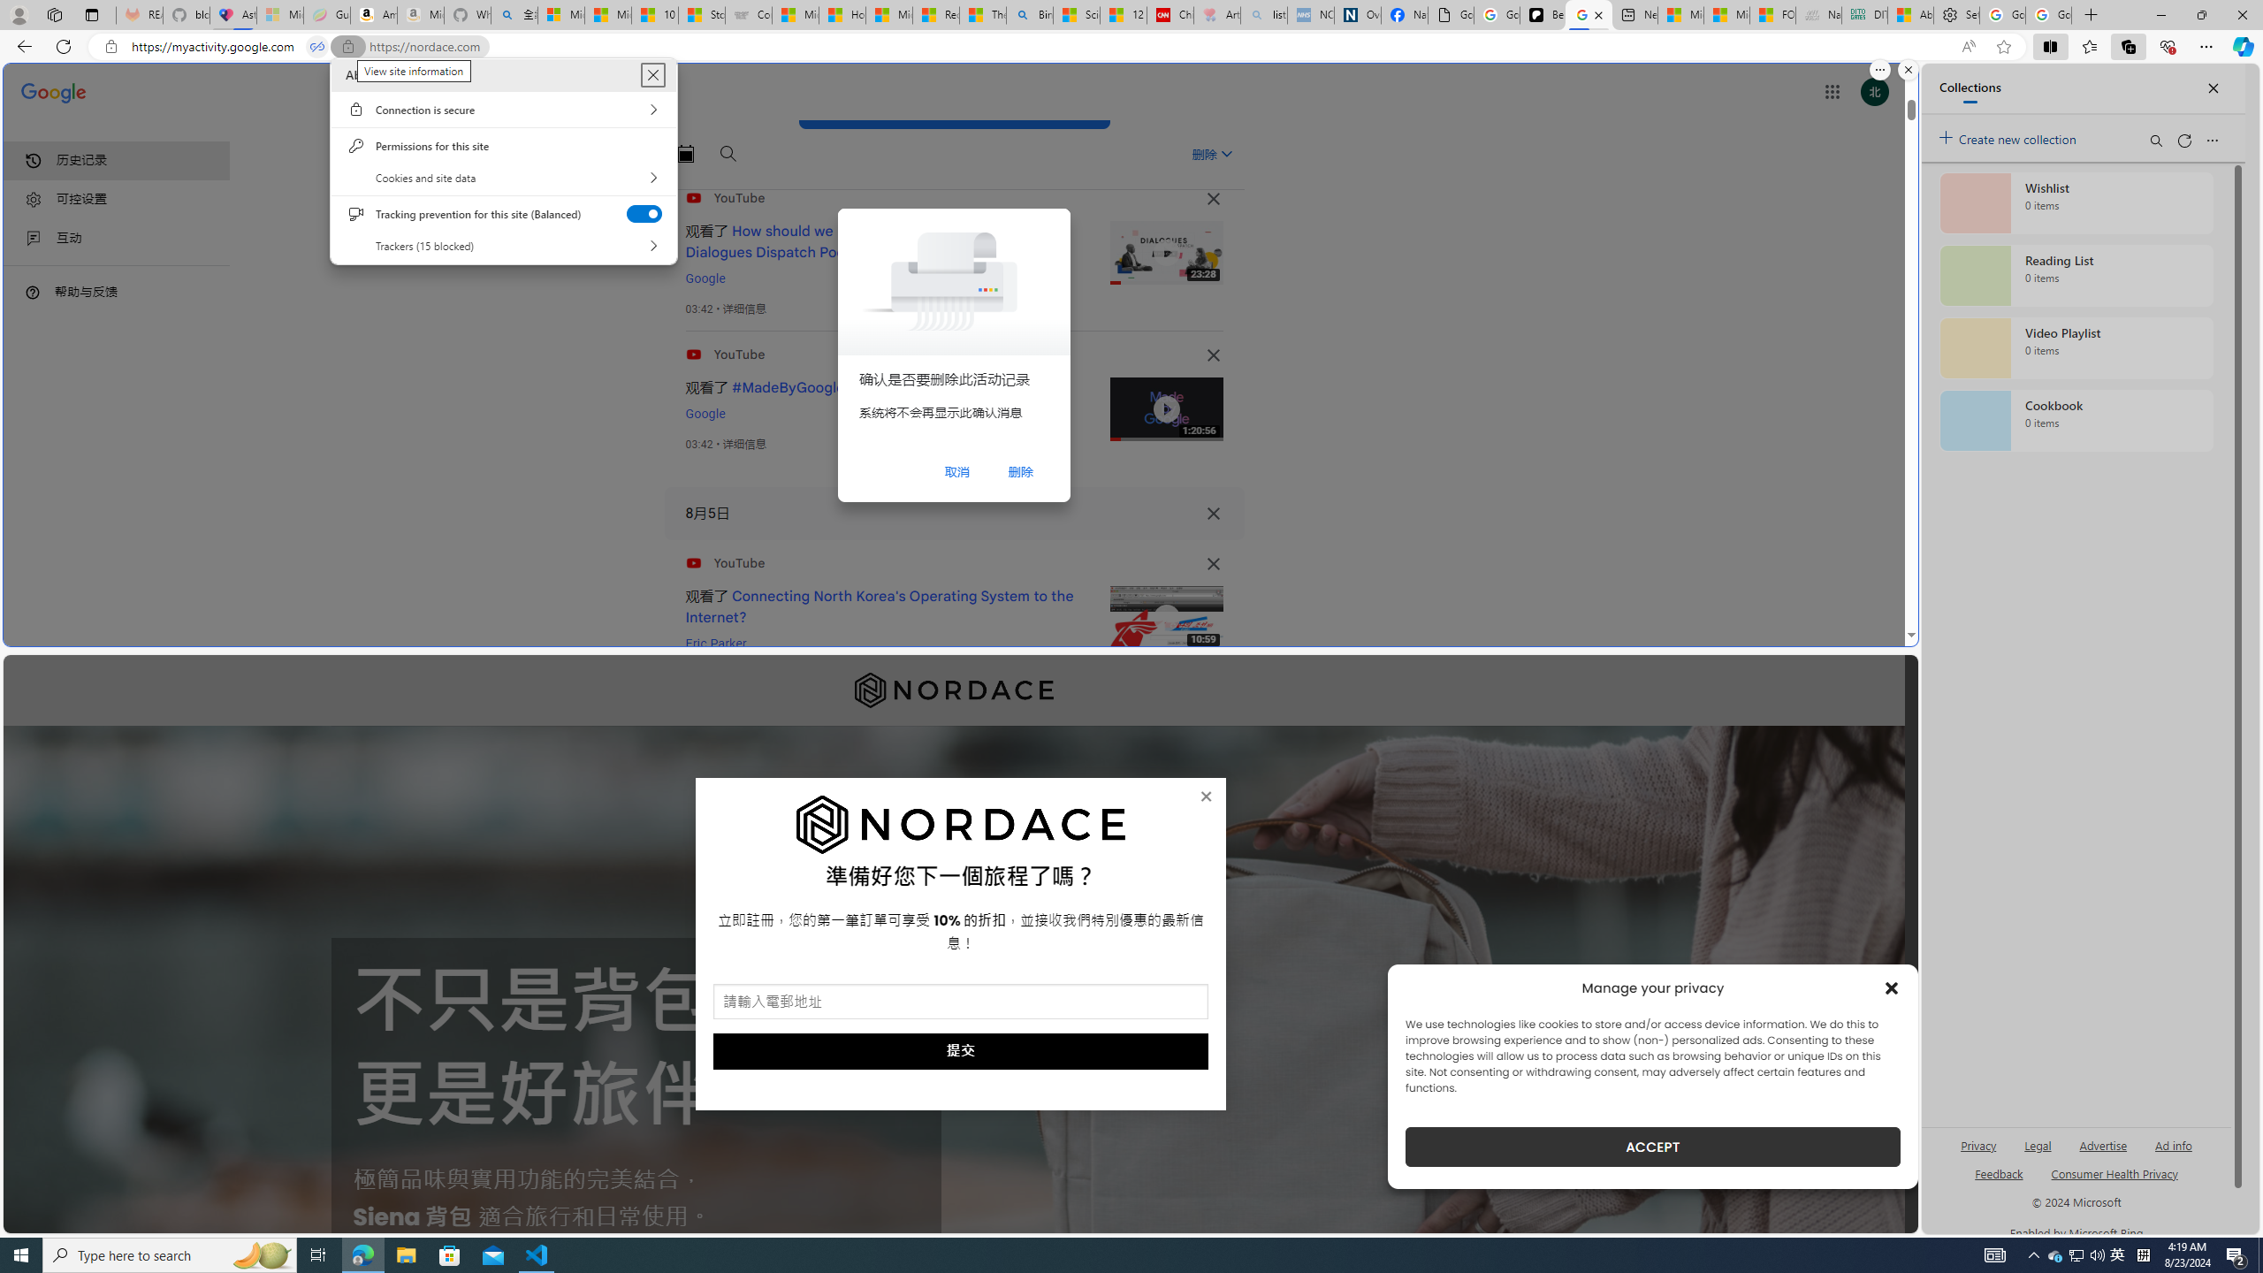 The height and width of the screenshot is (1273, 2263). Describe the element at coordinates (2090, 45) in the screenshot. I see `'Favorites'` at that location.